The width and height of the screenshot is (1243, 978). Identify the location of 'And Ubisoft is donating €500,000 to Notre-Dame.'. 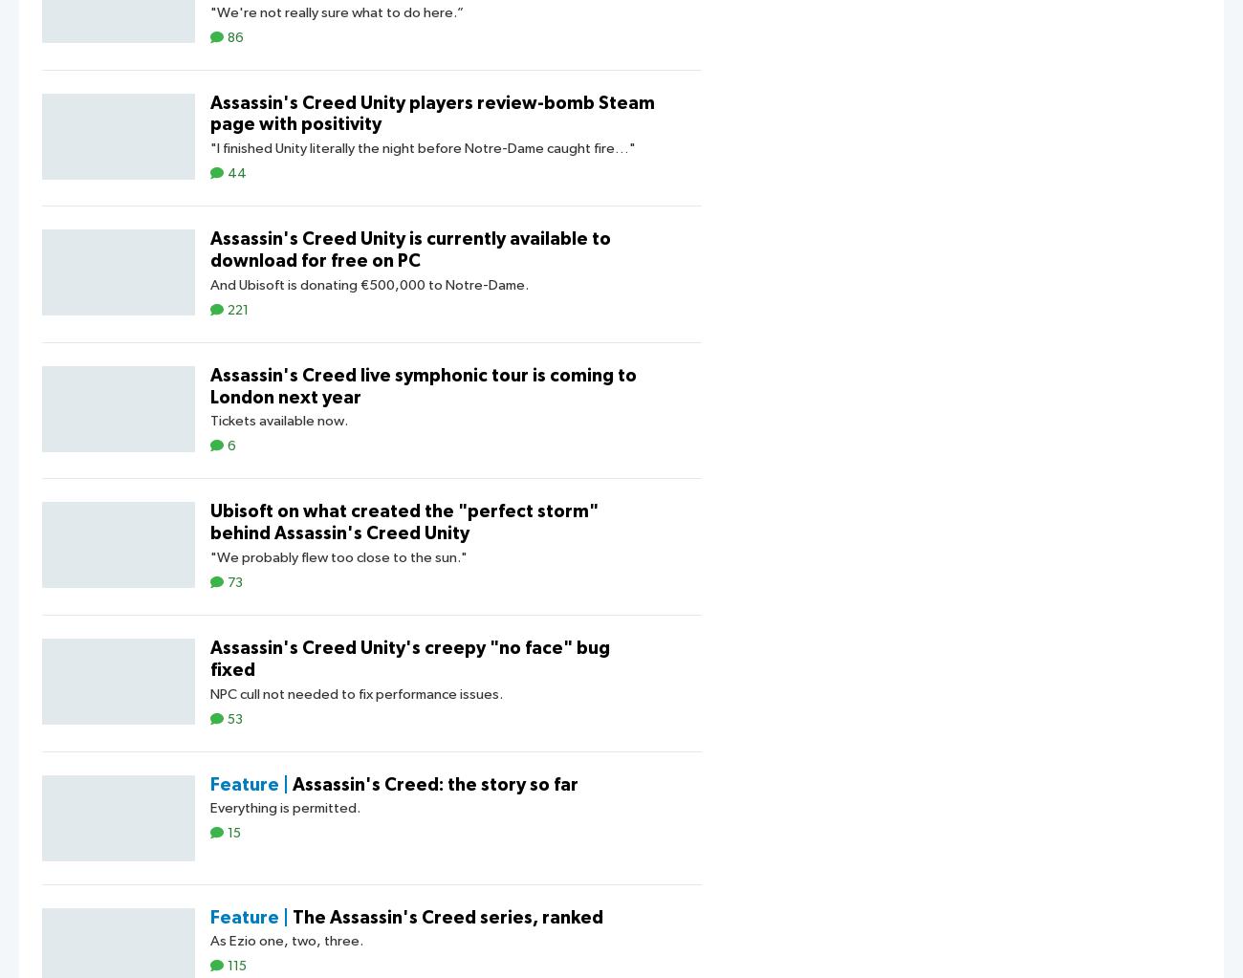
(369, 283).